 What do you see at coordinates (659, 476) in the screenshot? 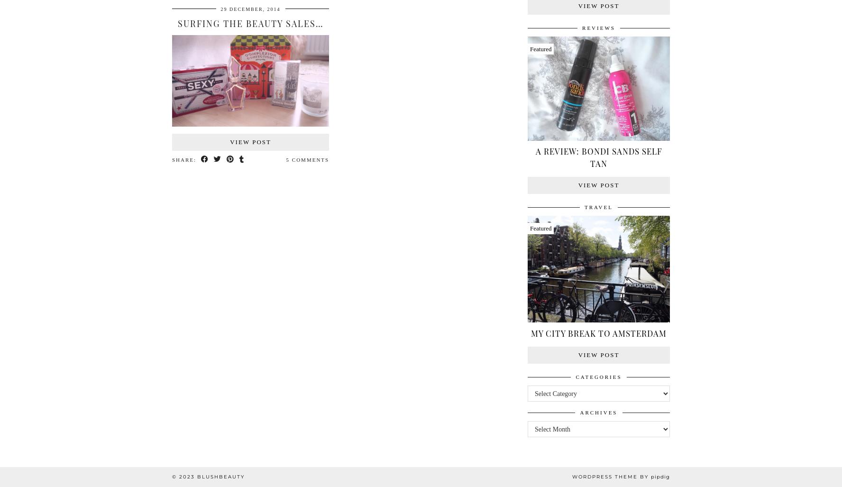
I see `'pipdig'` at bounding box center [659, 476].